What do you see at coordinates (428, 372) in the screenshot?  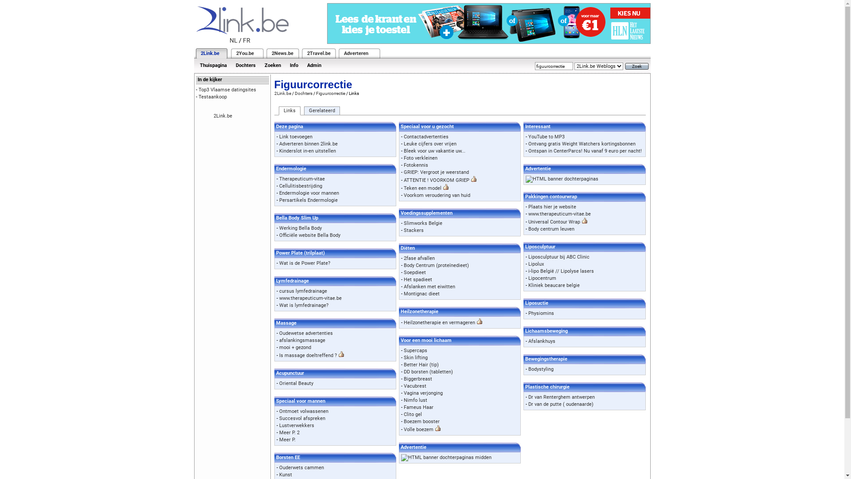 I see `'DD borsten (tabletten)'` at bounding box center [428, 372].